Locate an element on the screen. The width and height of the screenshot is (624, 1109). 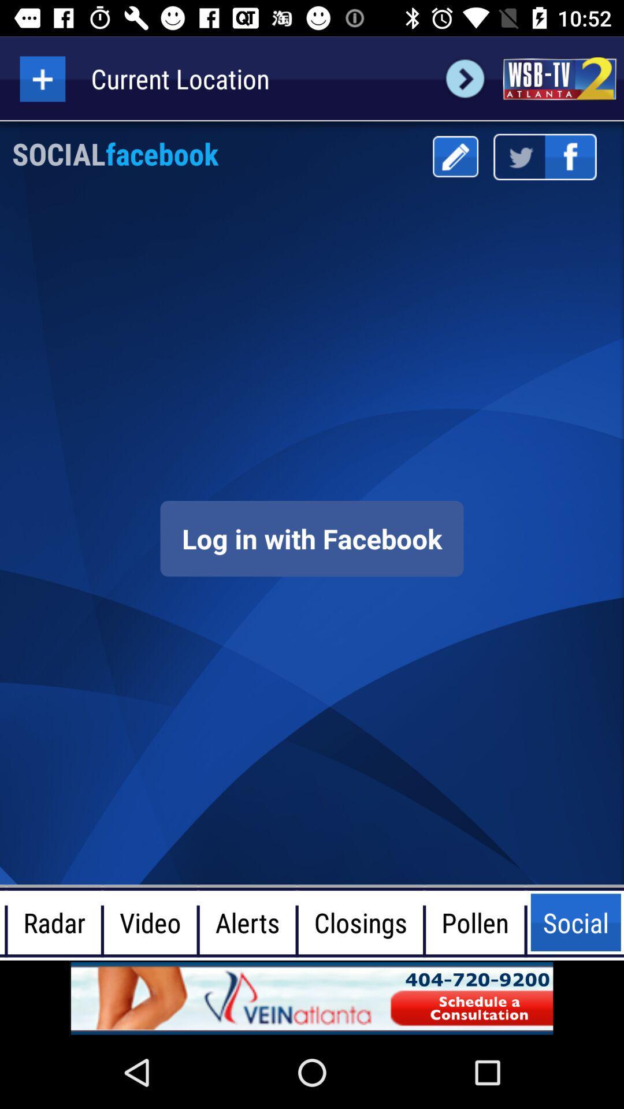
wsb-tv channel 2 weather is located at coordinates (559, 78).